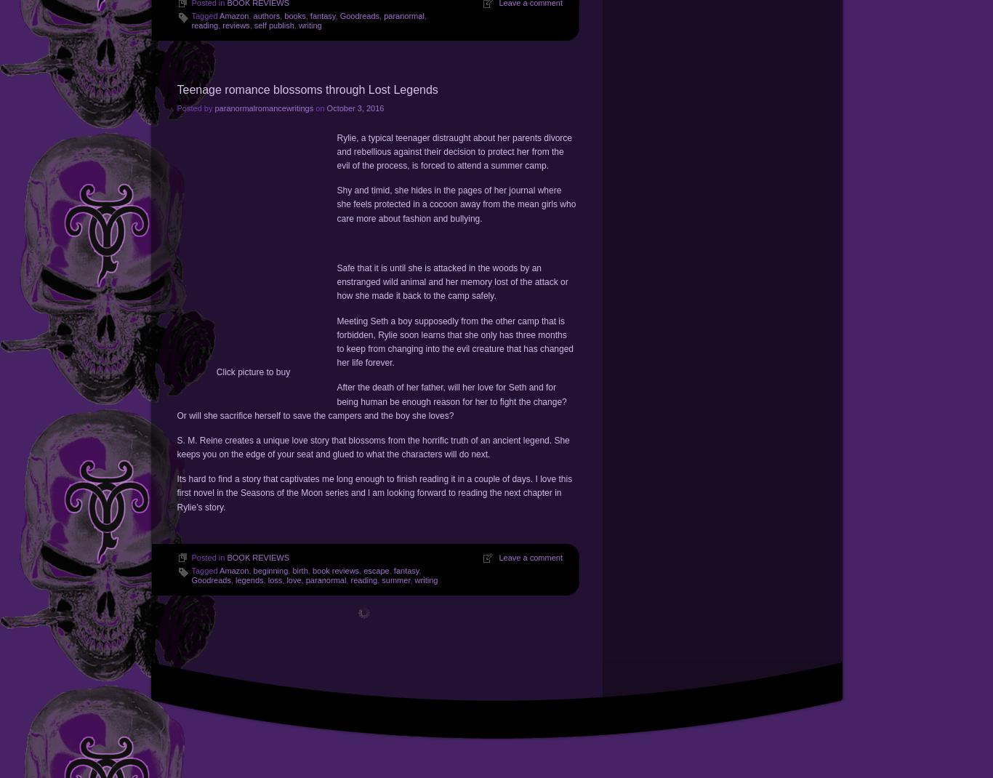 The image size is (993, 778). I want to click on 'Leave a comment', so click(530, 556).